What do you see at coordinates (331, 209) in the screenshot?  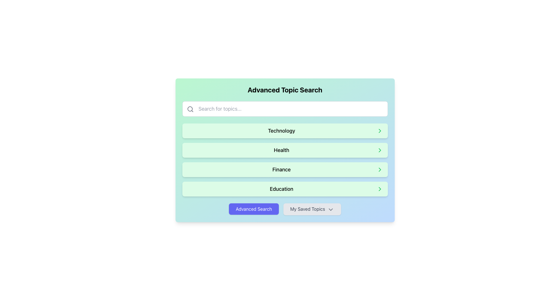 I see `the dropdown menu indicator icon located to the right of the 'My Saved Topics' button` at bounding box center [331, 209].